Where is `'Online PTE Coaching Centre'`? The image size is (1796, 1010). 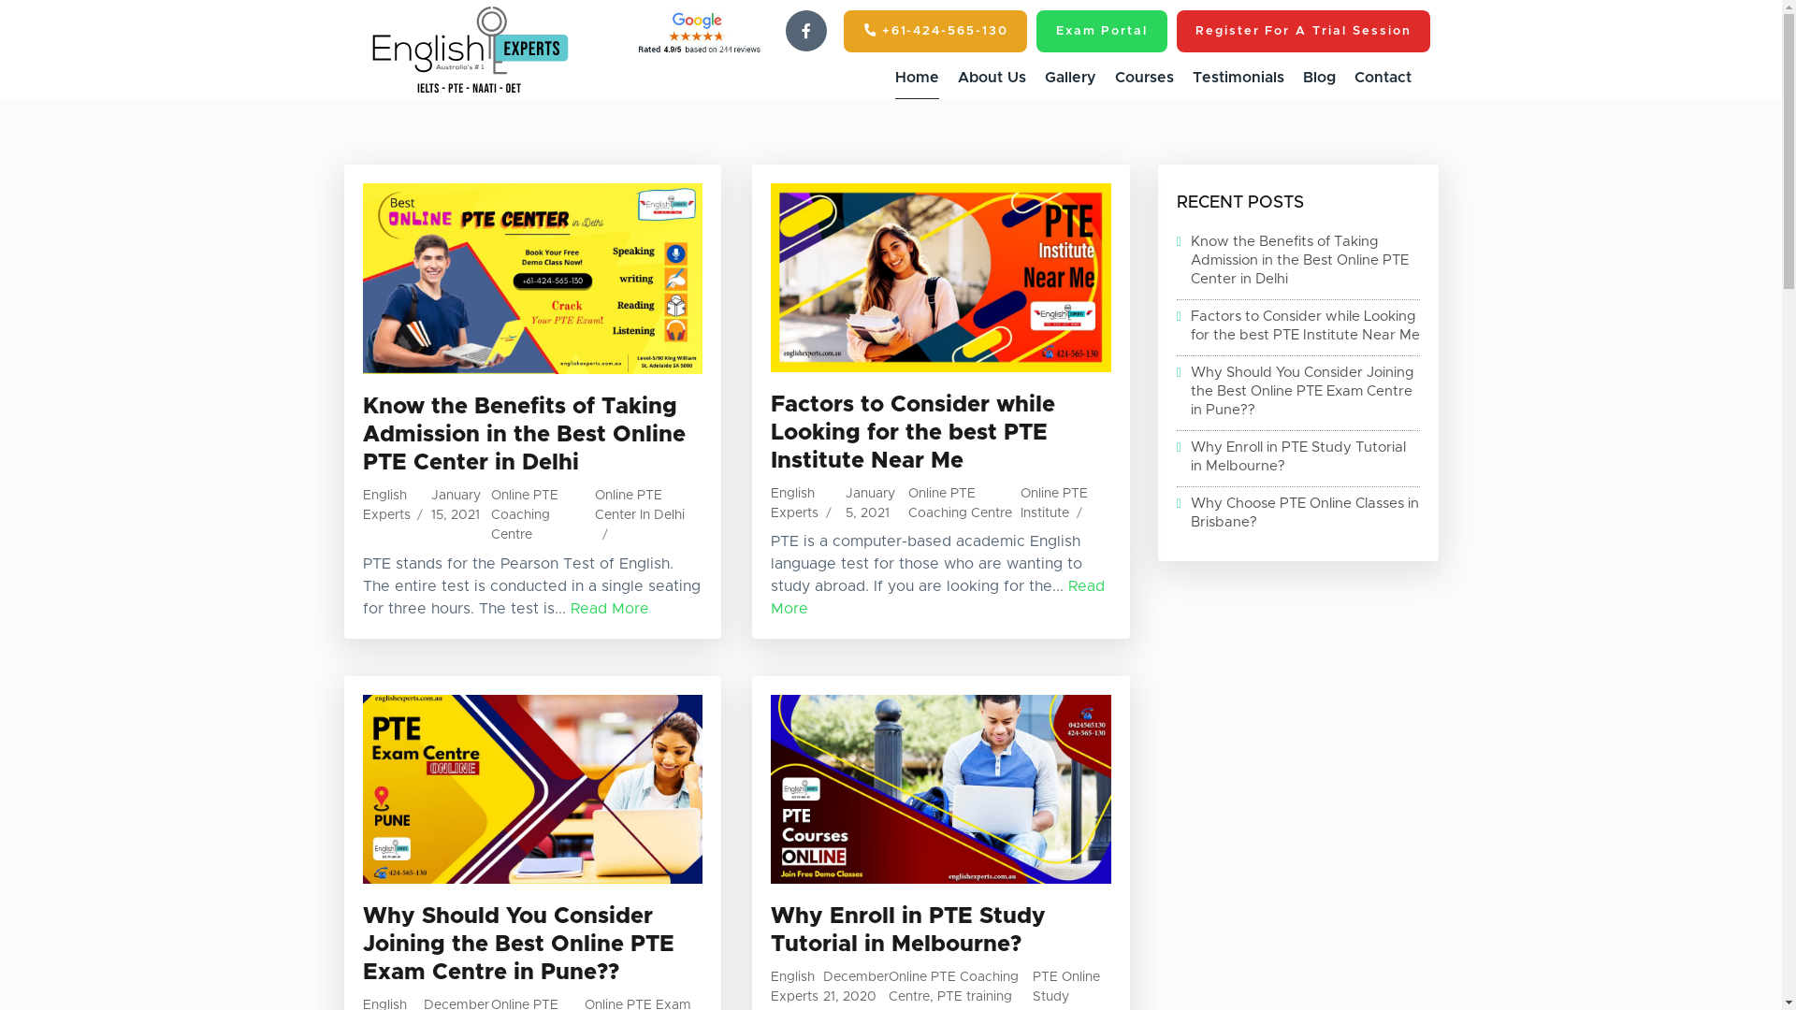
'Online PTE Coaching Centre' is located at coordinates (960, 502).